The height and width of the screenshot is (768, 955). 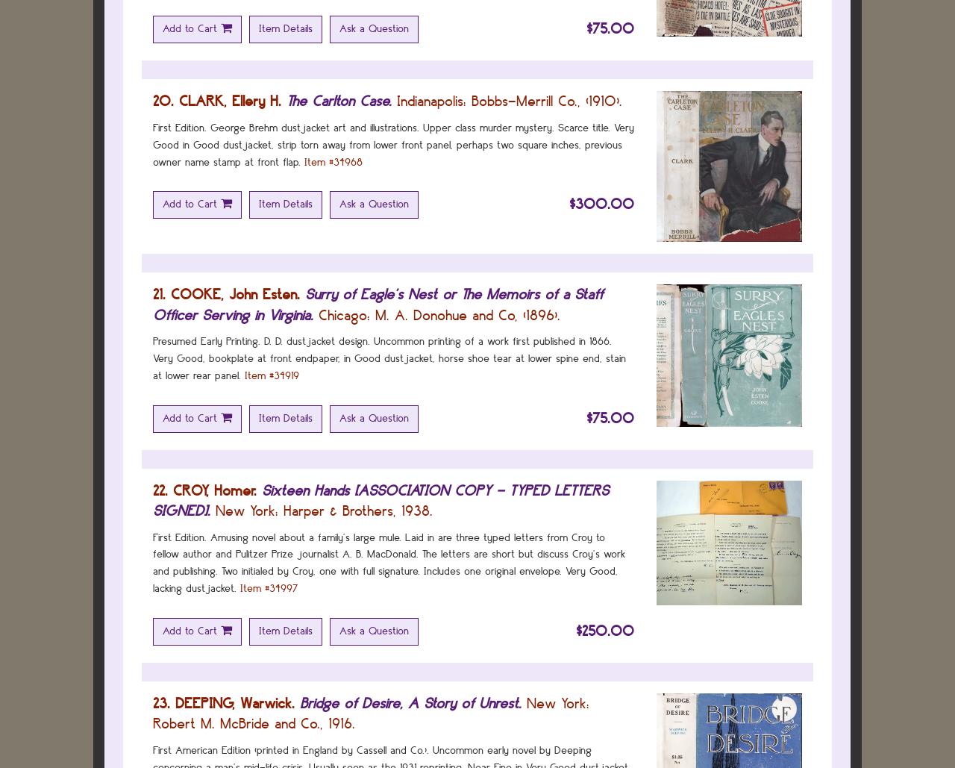 What do you see at coordinates (229, 100) in the screenshot?
I see `'CLARK, Ellery H.'` at bounding box center [229, 100].